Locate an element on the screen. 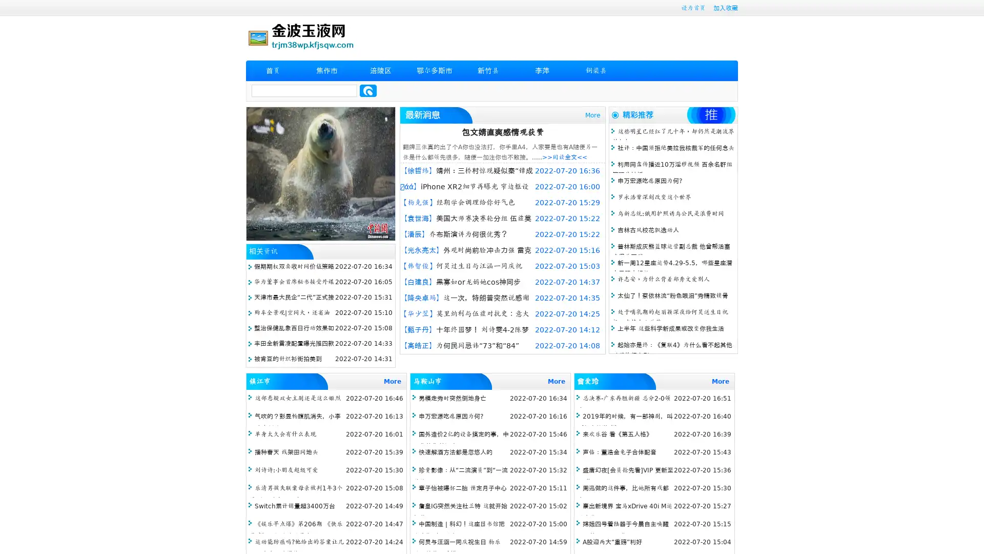 This screenshot has height=554, width=984. Search is located at coordinates (368, 90).